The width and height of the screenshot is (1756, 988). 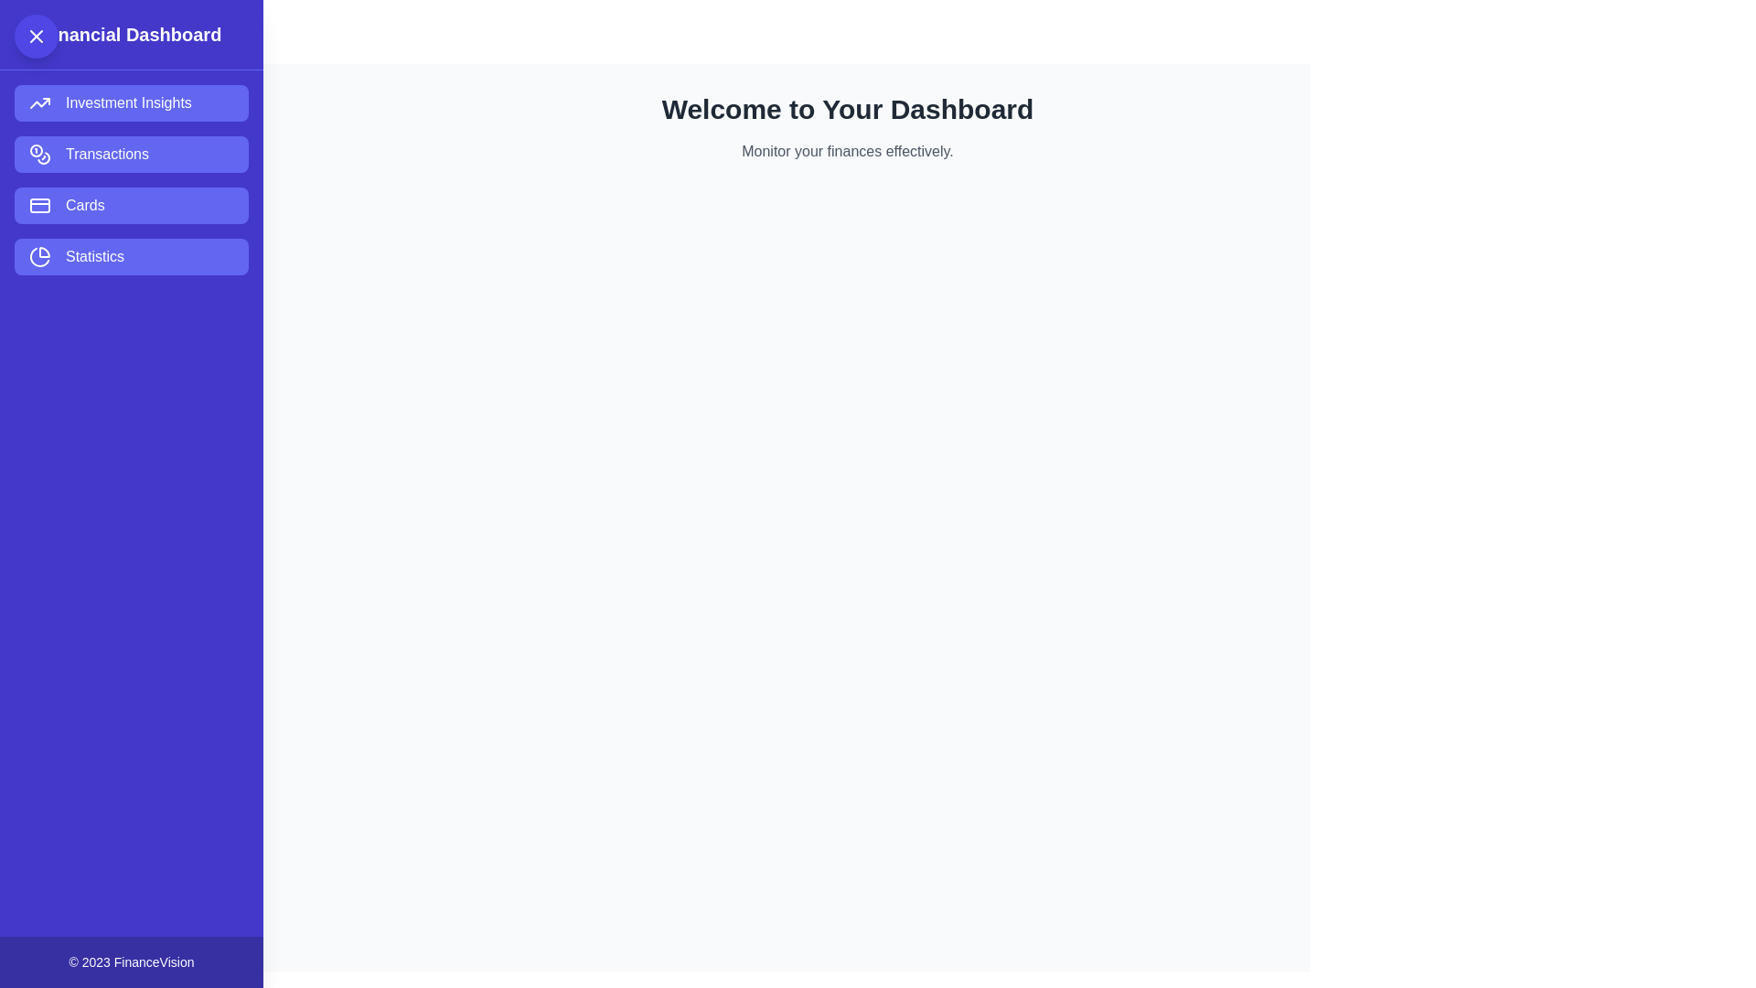 I want to click on the static text element that reads 'Monitor your finances effectively.' located below the heading 'Welcome to Your Dashboard', so click(x=846, y=150).